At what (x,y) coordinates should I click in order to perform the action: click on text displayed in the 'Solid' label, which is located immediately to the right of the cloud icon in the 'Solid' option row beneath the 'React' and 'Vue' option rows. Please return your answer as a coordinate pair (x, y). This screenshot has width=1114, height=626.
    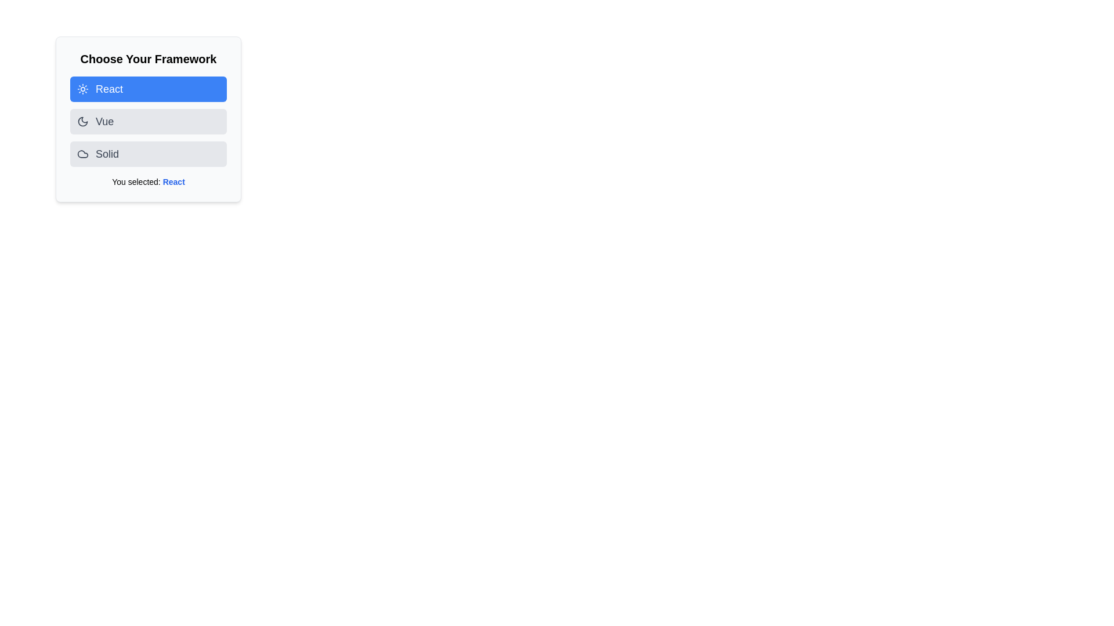
    Looking at the image, I should click on (107, 154).